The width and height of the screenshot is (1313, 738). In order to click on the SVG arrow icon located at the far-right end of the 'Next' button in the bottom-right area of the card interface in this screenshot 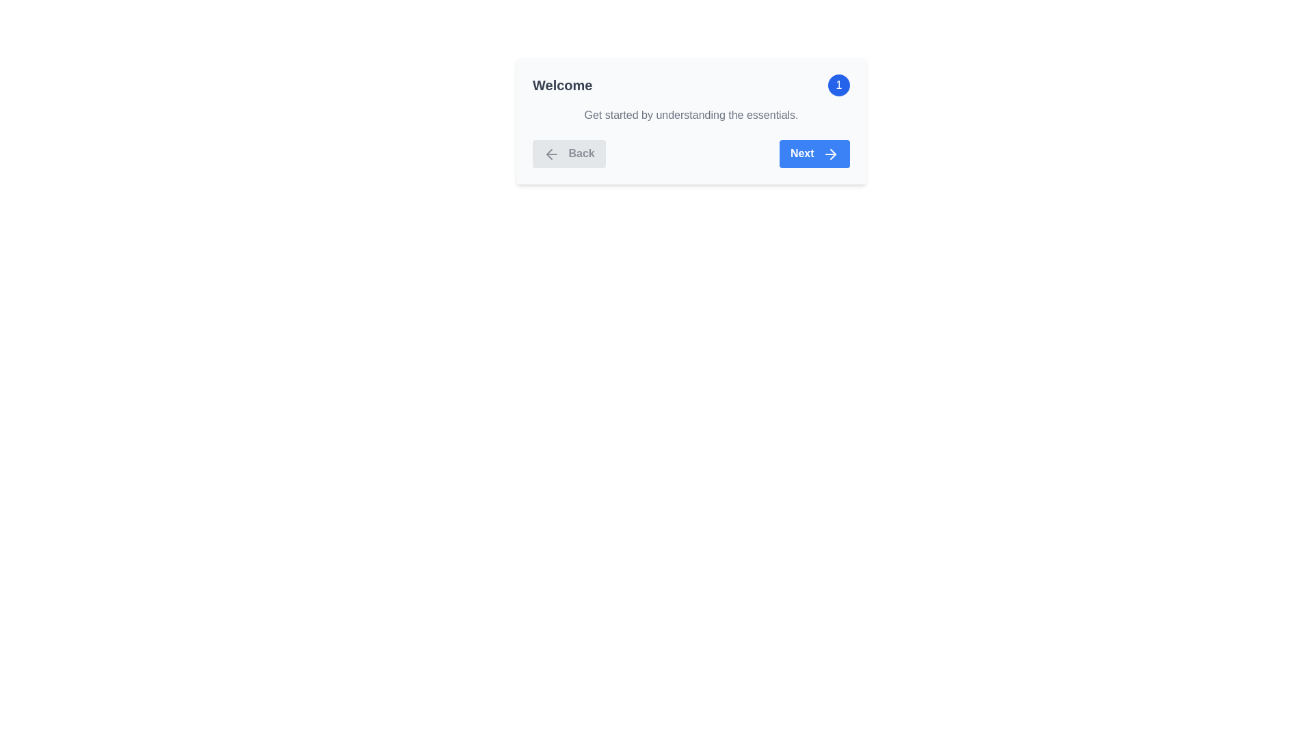, I will do `click(830, 153)`.